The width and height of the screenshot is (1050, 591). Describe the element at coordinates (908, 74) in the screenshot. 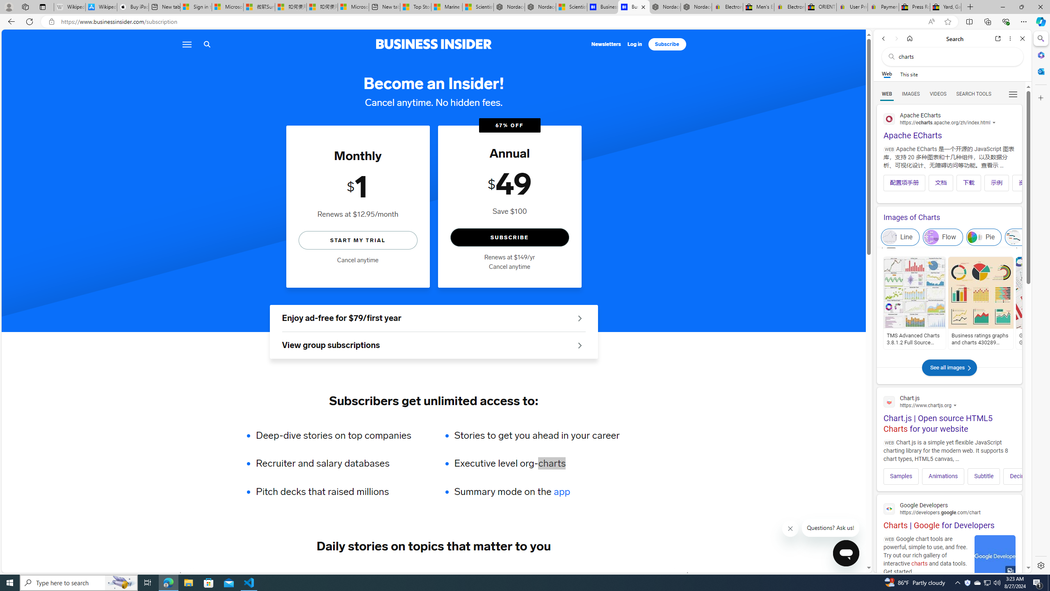

I see `'This site scope'` at that location.